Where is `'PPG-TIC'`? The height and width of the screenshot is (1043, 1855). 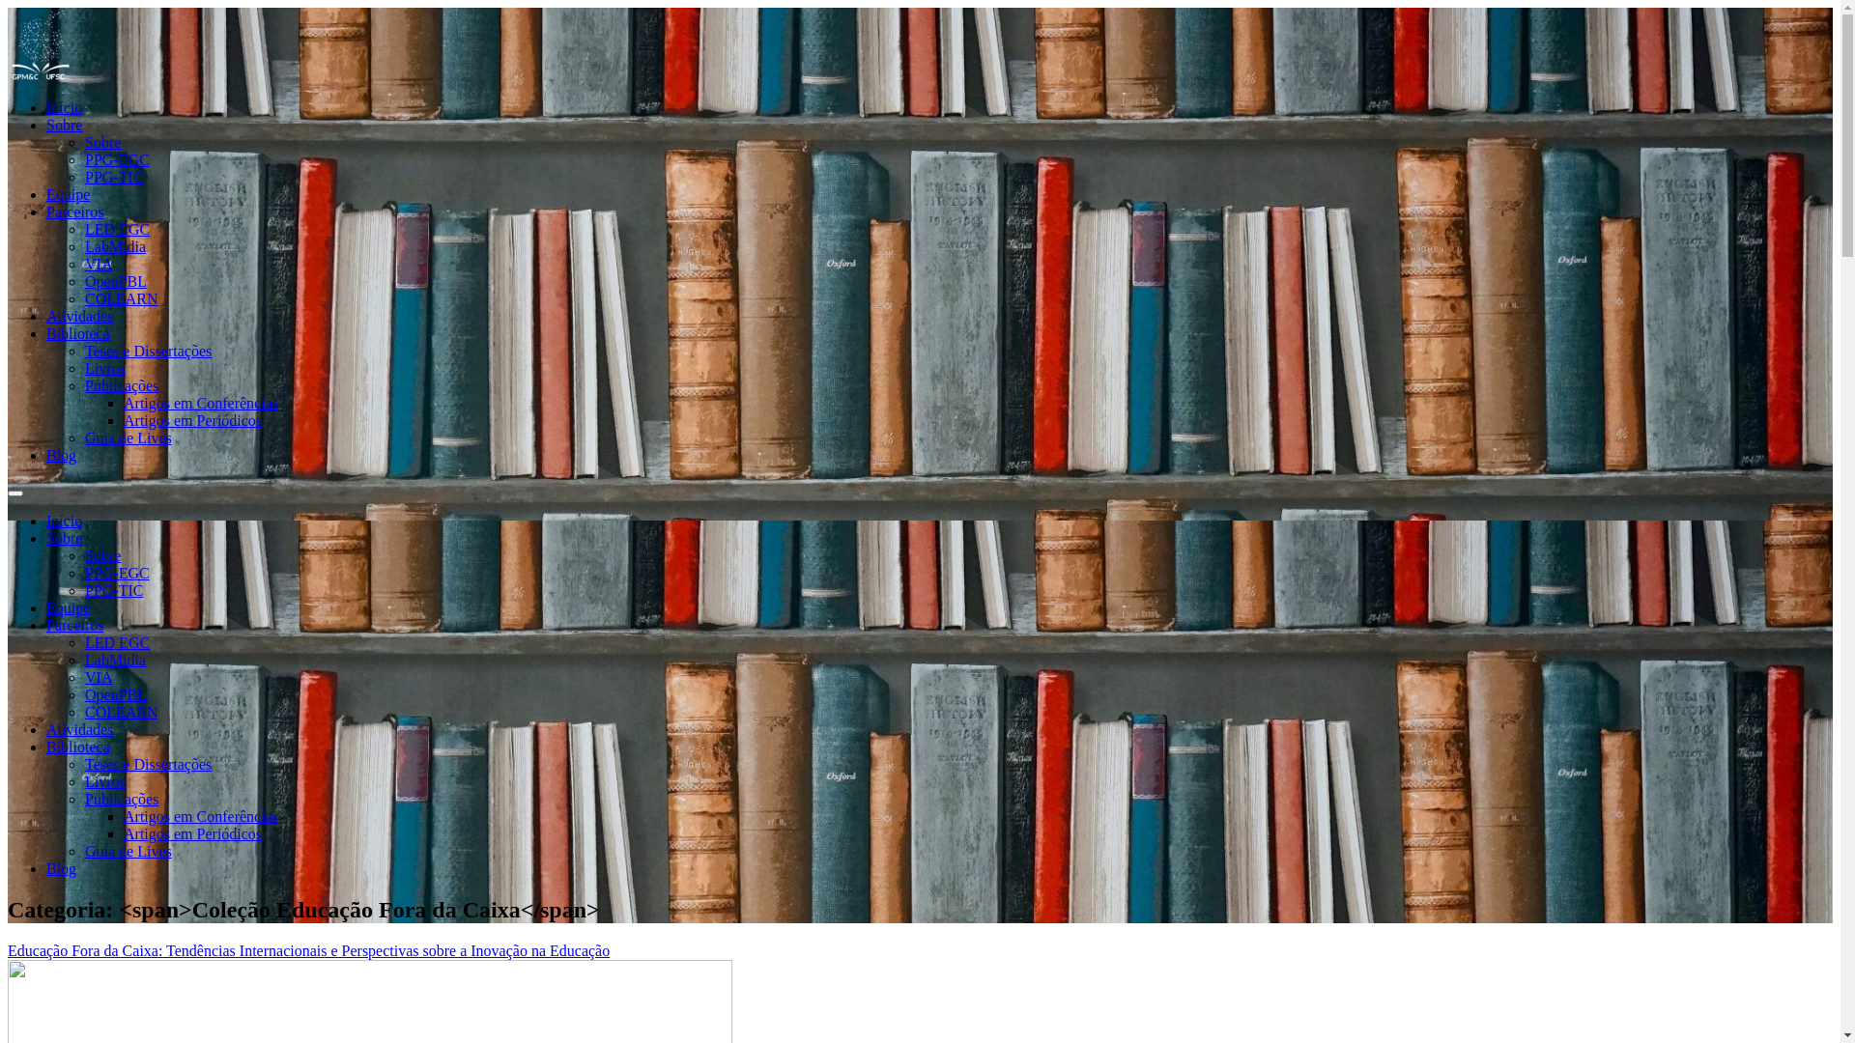 'PPG-TIC' is located at coordinates (113, 589).